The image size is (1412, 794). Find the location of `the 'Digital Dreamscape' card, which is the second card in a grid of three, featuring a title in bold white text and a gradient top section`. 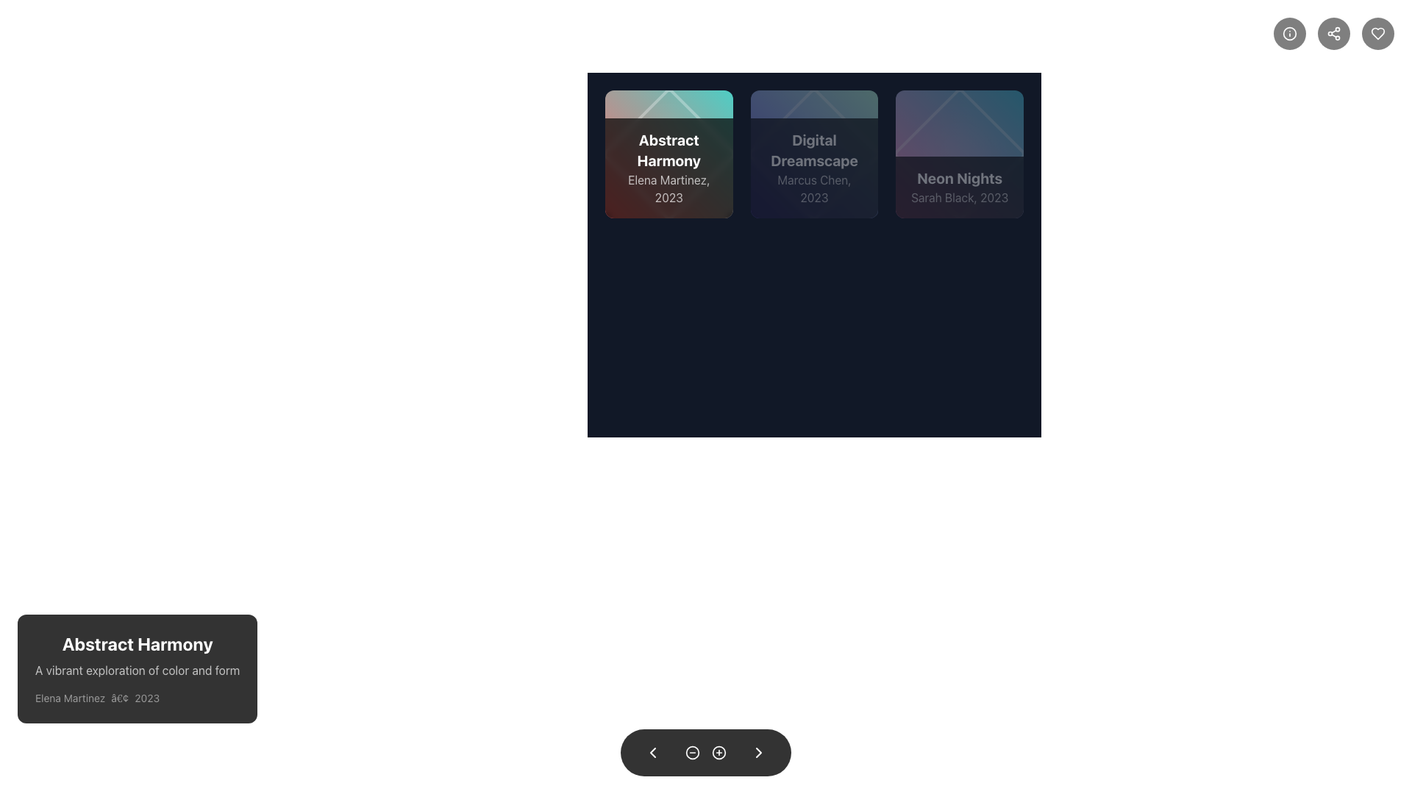

the 'Digital Dreamscape' card, which is the second card in a grid of three, featuring a title in bold white text and a gradient top section is located at coordinates (813, 154).